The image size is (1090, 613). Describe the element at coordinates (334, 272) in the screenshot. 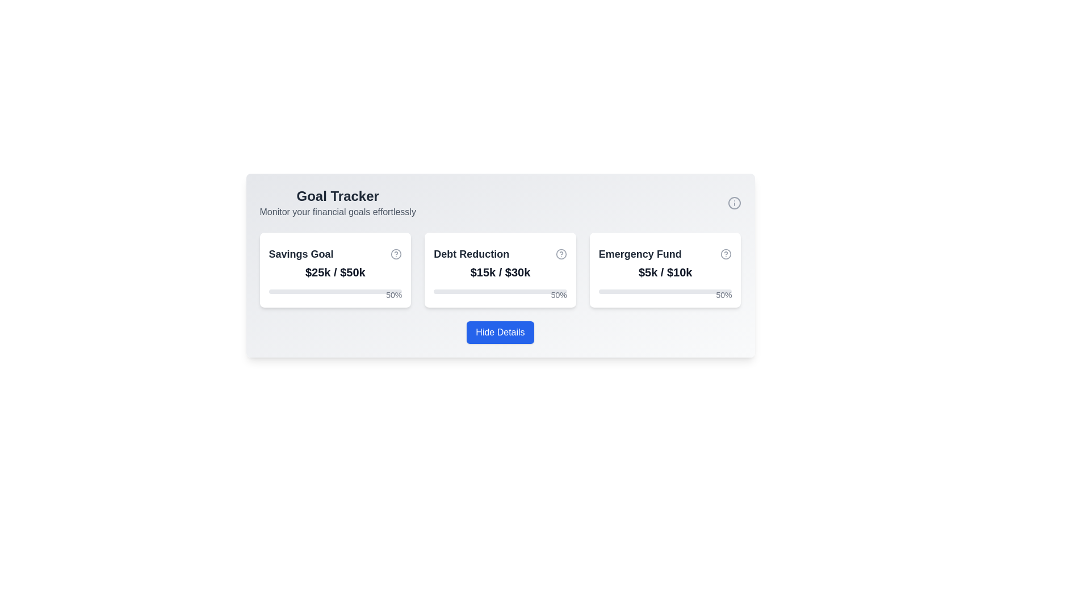

I see `the text indicating the current progress and target goal values for the 'Savings Goal', located in the second row of the 'Savings Goal' card beneath the title text and above the progress indicator` at that location.